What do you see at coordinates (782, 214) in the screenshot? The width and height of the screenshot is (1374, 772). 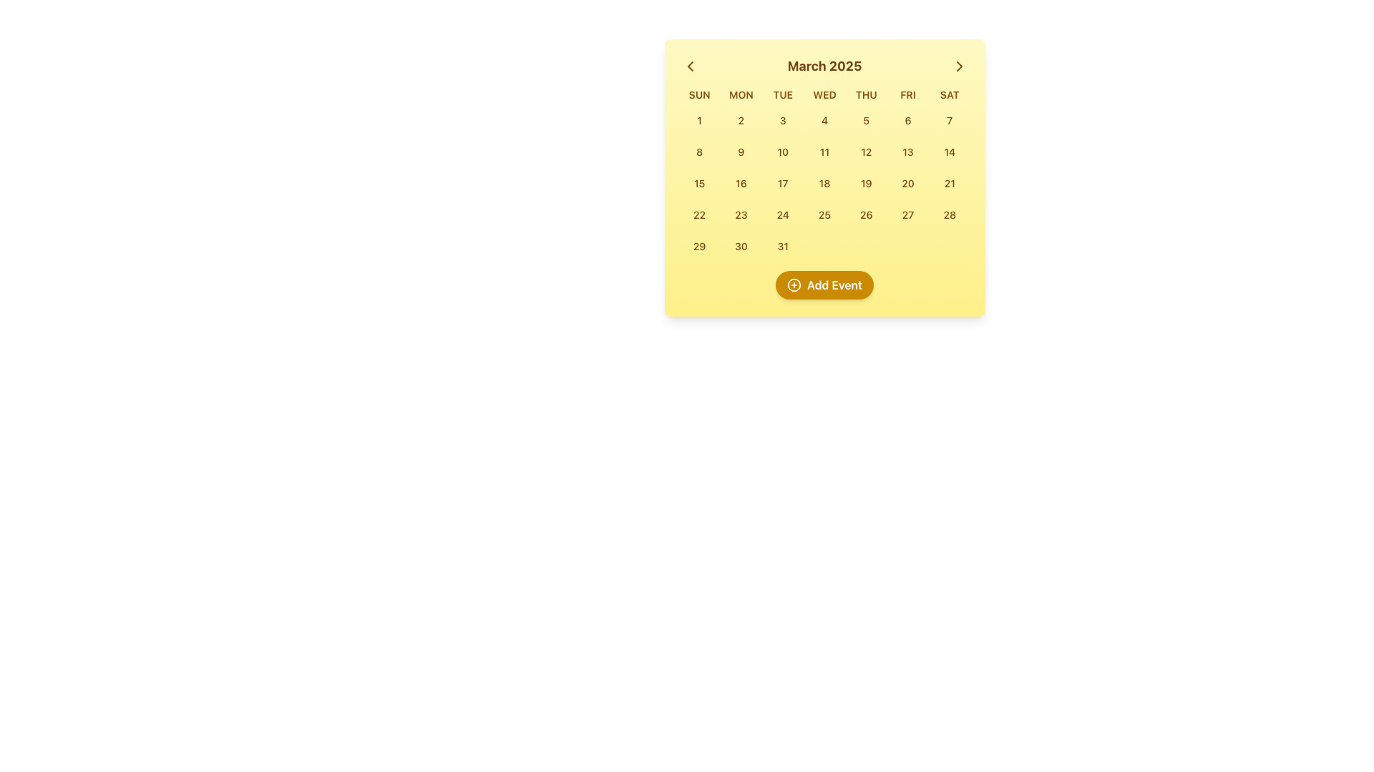 I see `the date text representing March 24, 2025 in the calendar interface` at bounding box center [782, 214].